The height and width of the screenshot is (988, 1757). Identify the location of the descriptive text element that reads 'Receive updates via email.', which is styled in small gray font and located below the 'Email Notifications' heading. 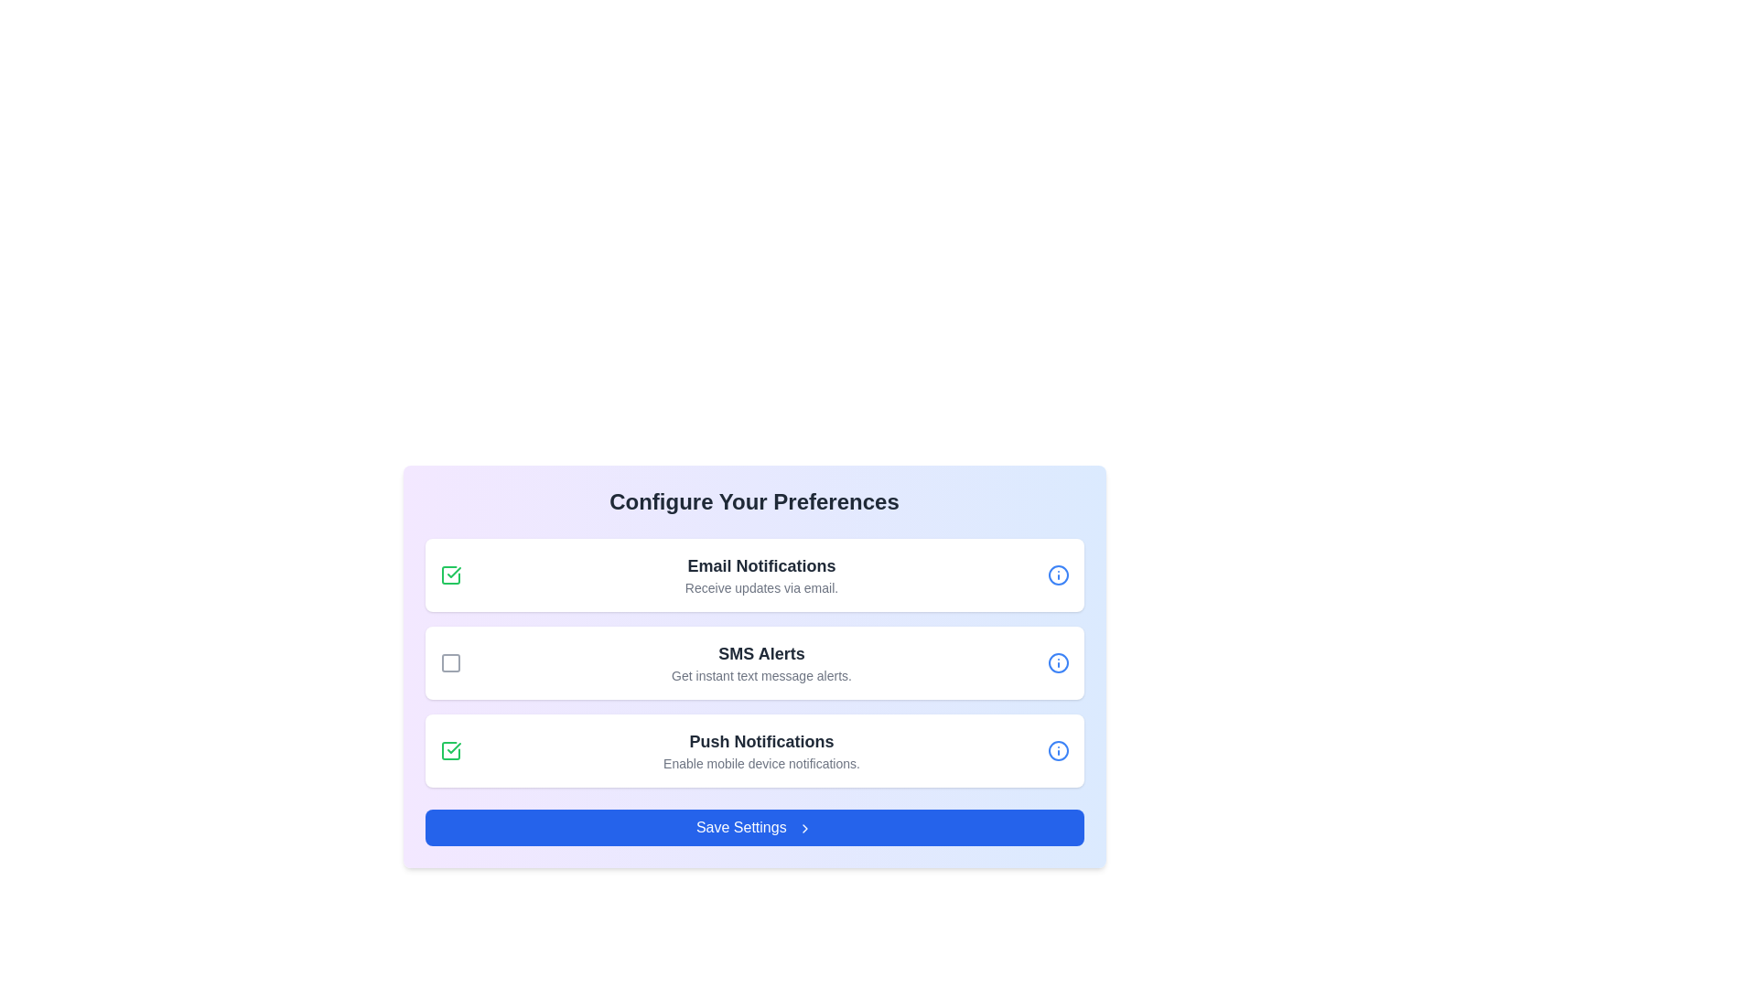
(761, 588).